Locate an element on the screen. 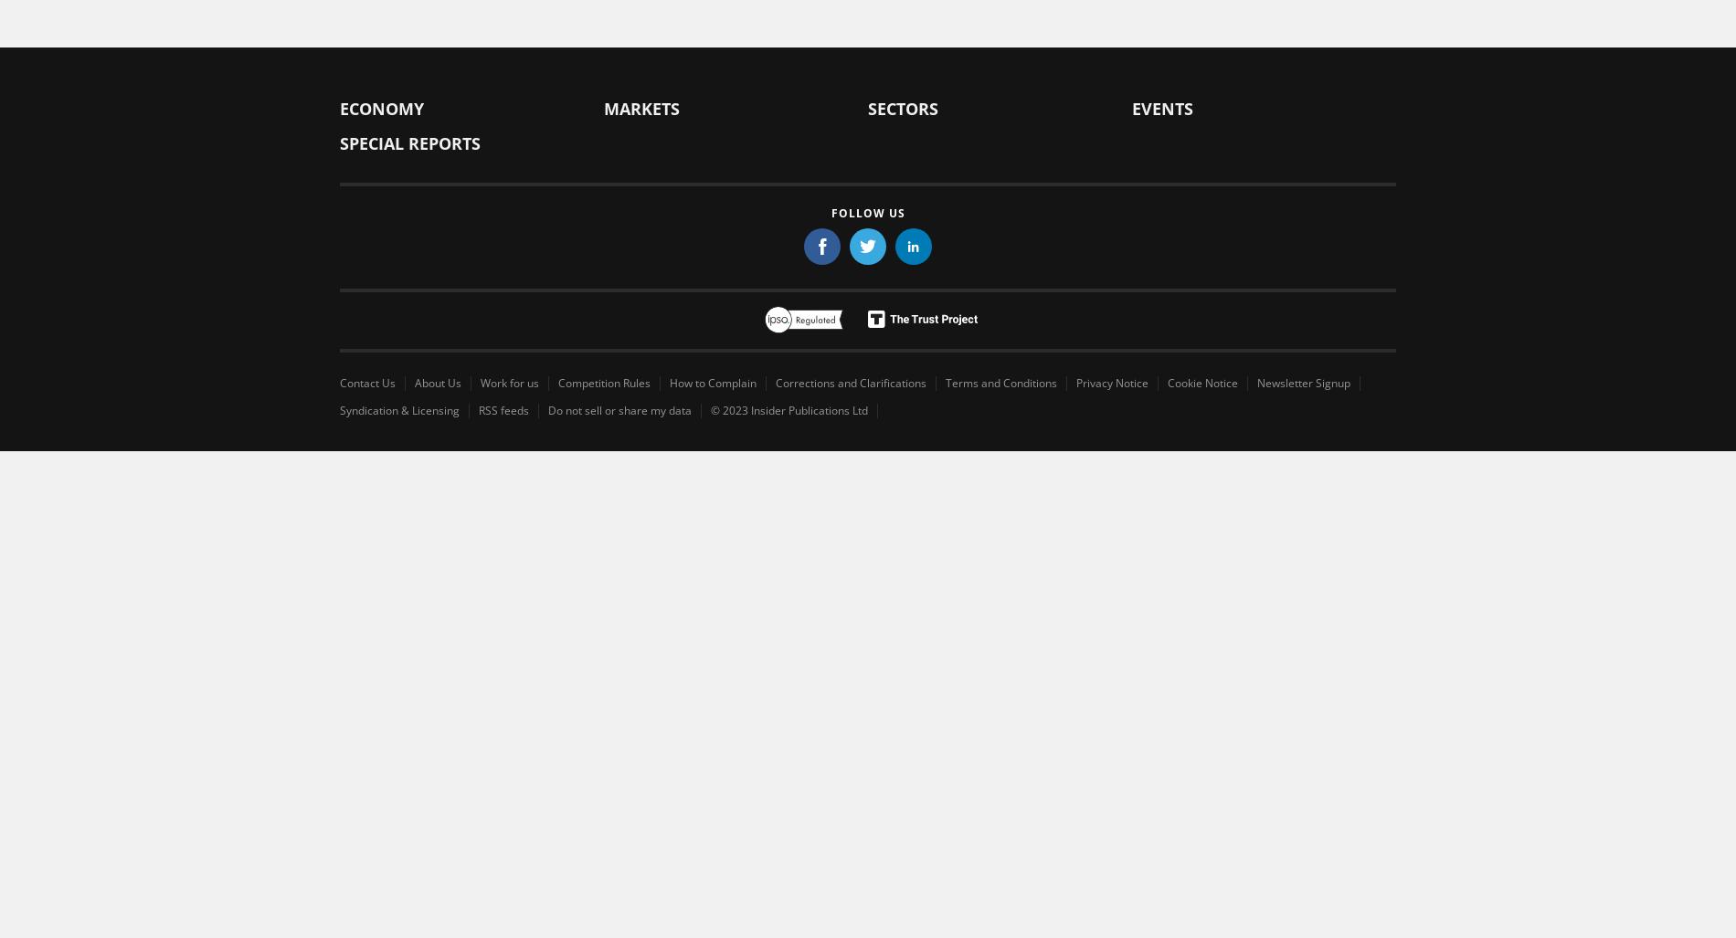  'Privacy Notice' is located at coordinates (1111, 381).